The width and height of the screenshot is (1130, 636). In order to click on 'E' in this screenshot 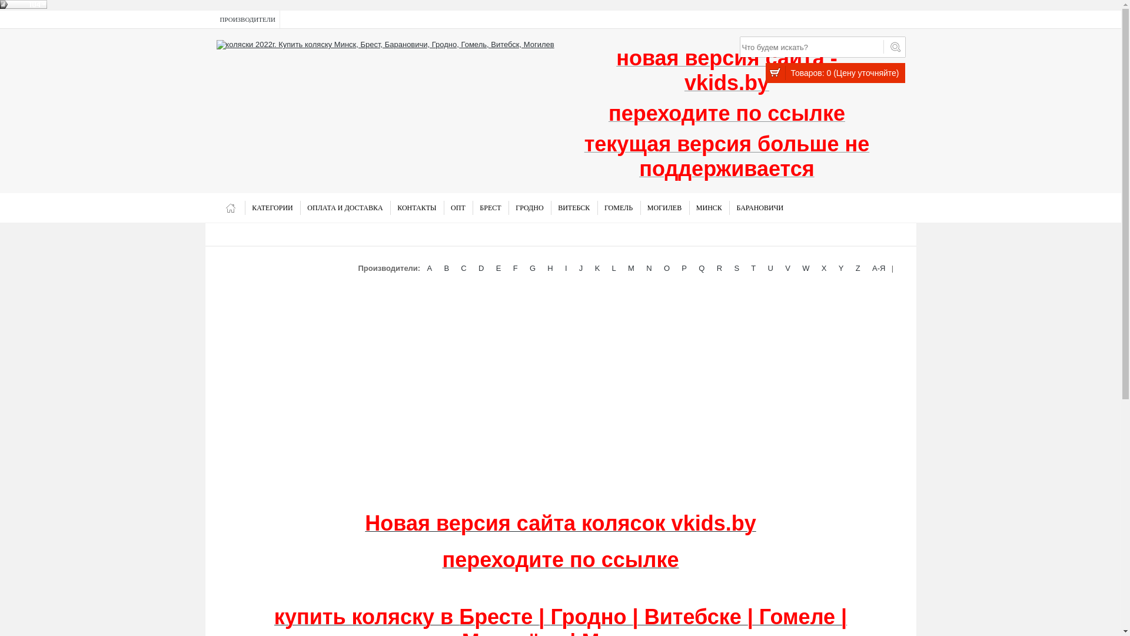, I will do `click(498, 268)`.